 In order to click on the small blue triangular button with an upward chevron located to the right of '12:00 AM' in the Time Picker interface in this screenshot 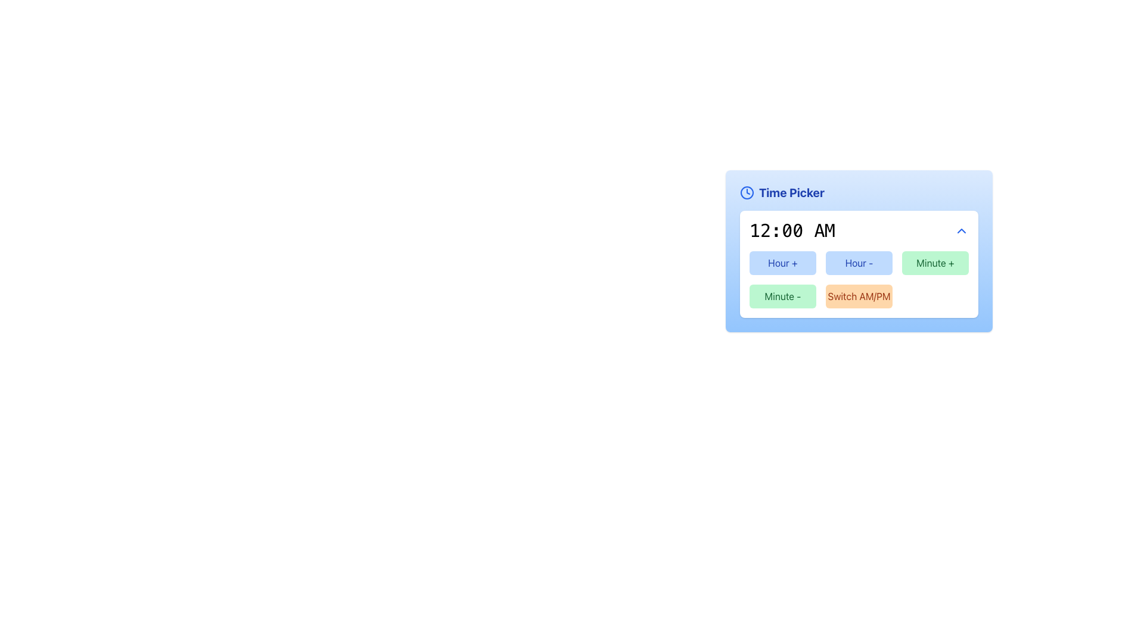, I will do `click(961, 231)`.